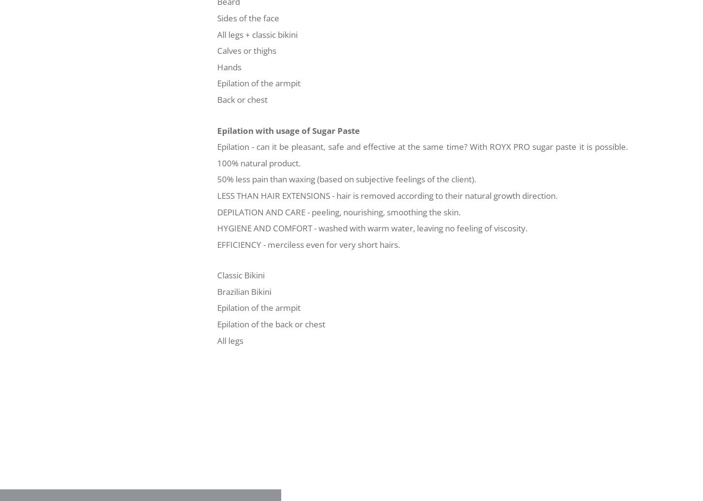  What do you see at coordinates (242, 98) in the screenshot?
I see `'Back or chest'` at bounding box center [242, 98].